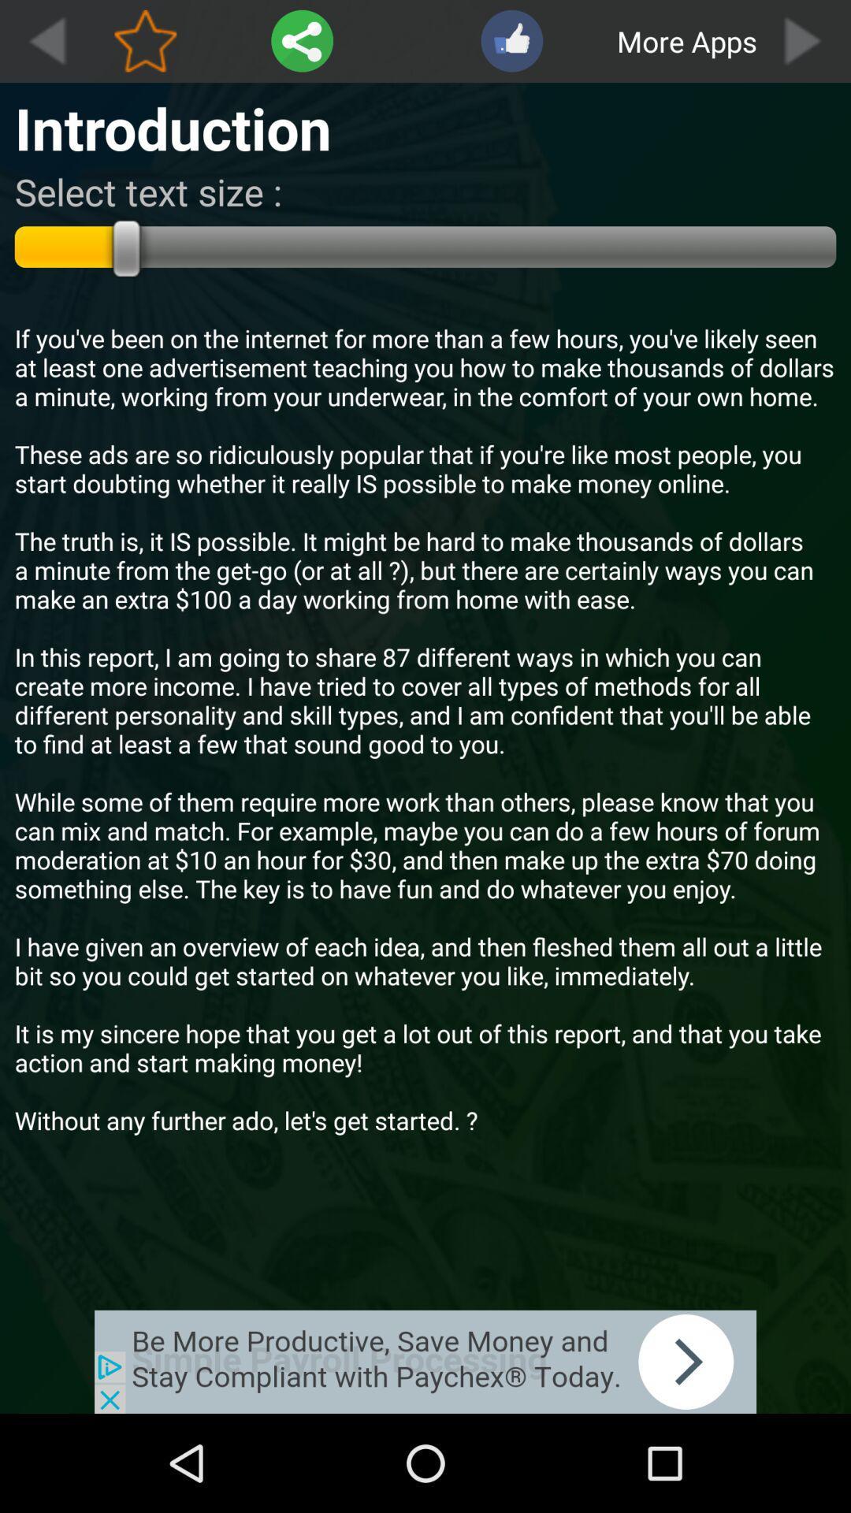 Image resolution: width=851 pixels, height=1513 pixels. What do you see at coordinates (145, 41) in the screenshot?
I see `favorite` at bounding box center [145, 41].